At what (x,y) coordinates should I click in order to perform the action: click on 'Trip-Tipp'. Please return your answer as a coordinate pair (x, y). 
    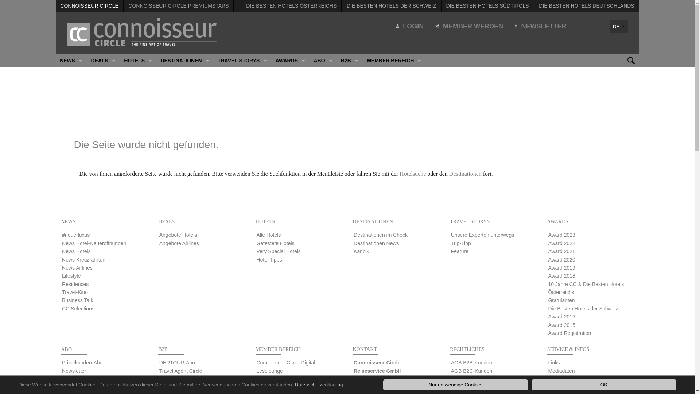
    Looking at the image, I should click on (460, 243).